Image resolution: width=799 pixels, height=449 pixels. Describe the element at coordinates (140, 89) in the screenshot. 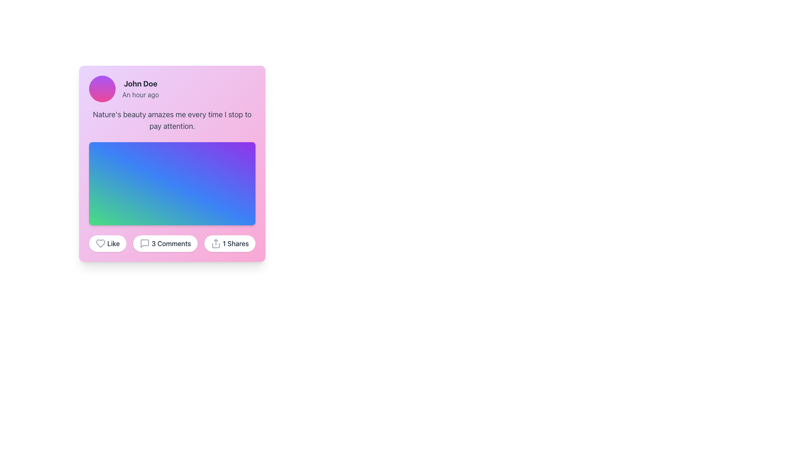

I see `the text element displaying 'John Doe' and 'An hour ago', which is located in the top center area of the card-like interface, next to a circular gradient profile picture` at that location.